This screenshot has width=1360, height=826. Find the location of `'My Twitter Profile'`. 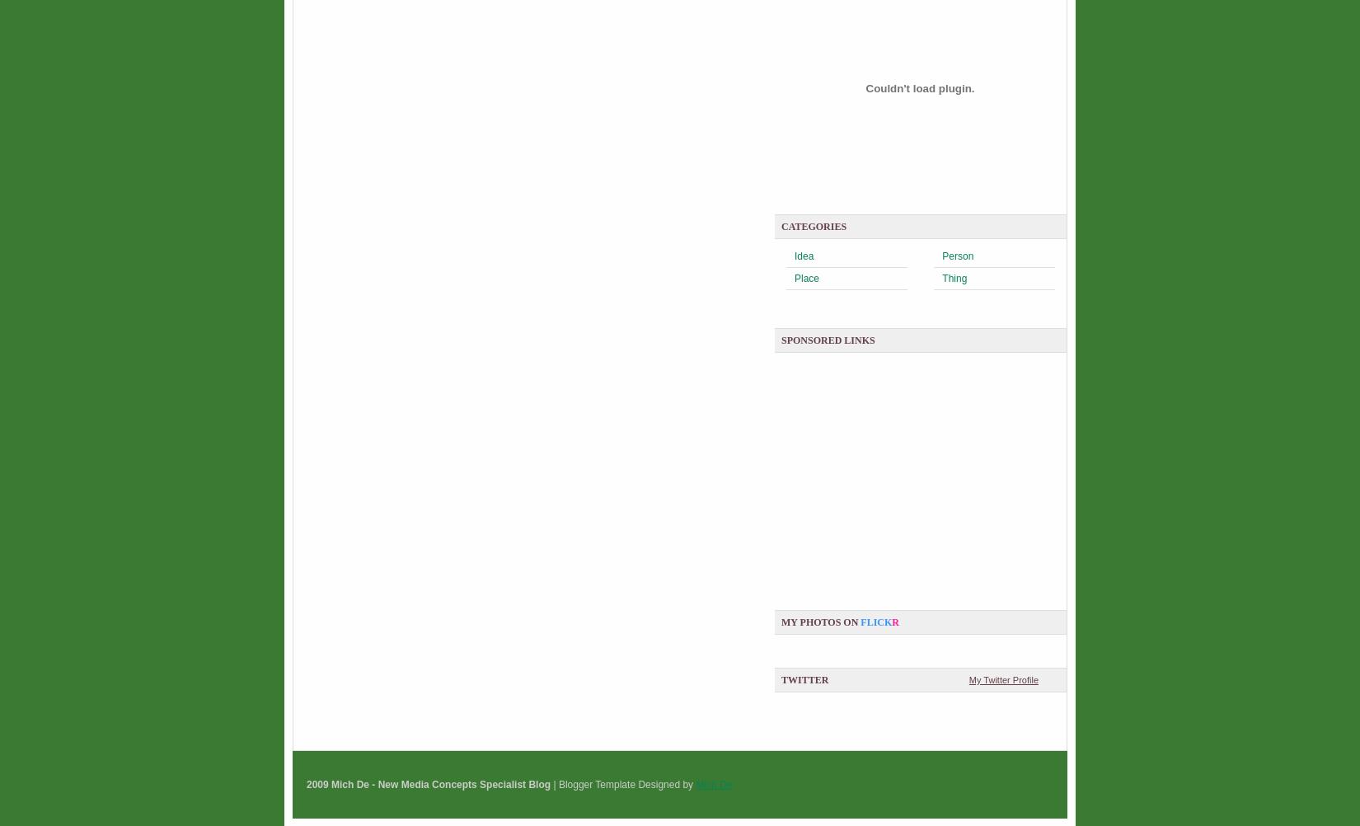

'My Twitter Profile' is located at coordinates (1003, 679).